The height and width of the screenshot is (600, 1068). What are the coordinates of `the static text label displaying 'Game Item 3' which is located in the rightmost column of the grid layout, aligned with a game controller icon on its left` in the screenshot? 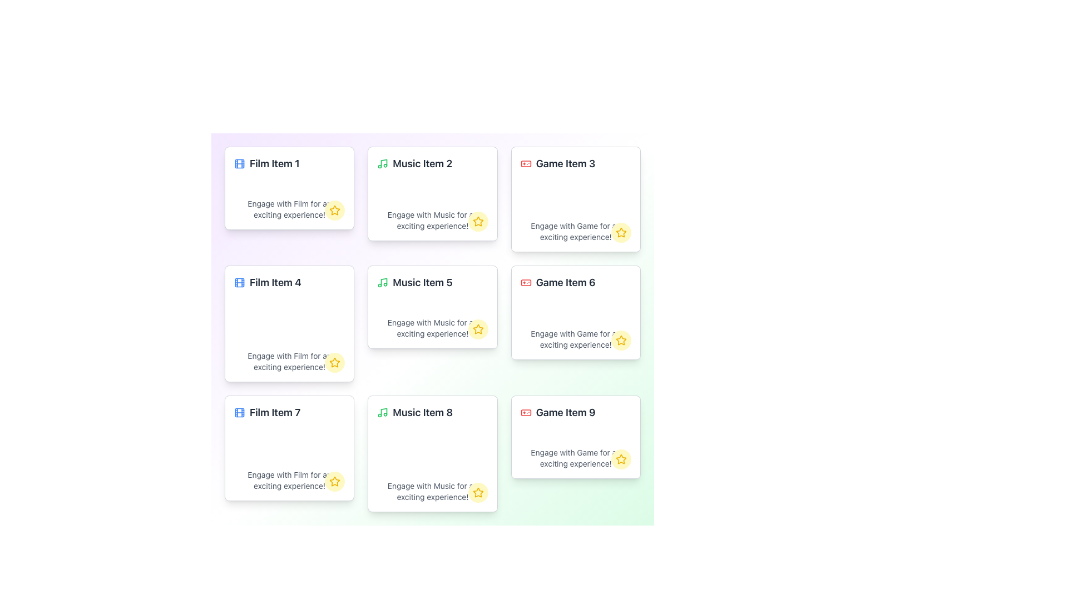 It's located at (565, 163).